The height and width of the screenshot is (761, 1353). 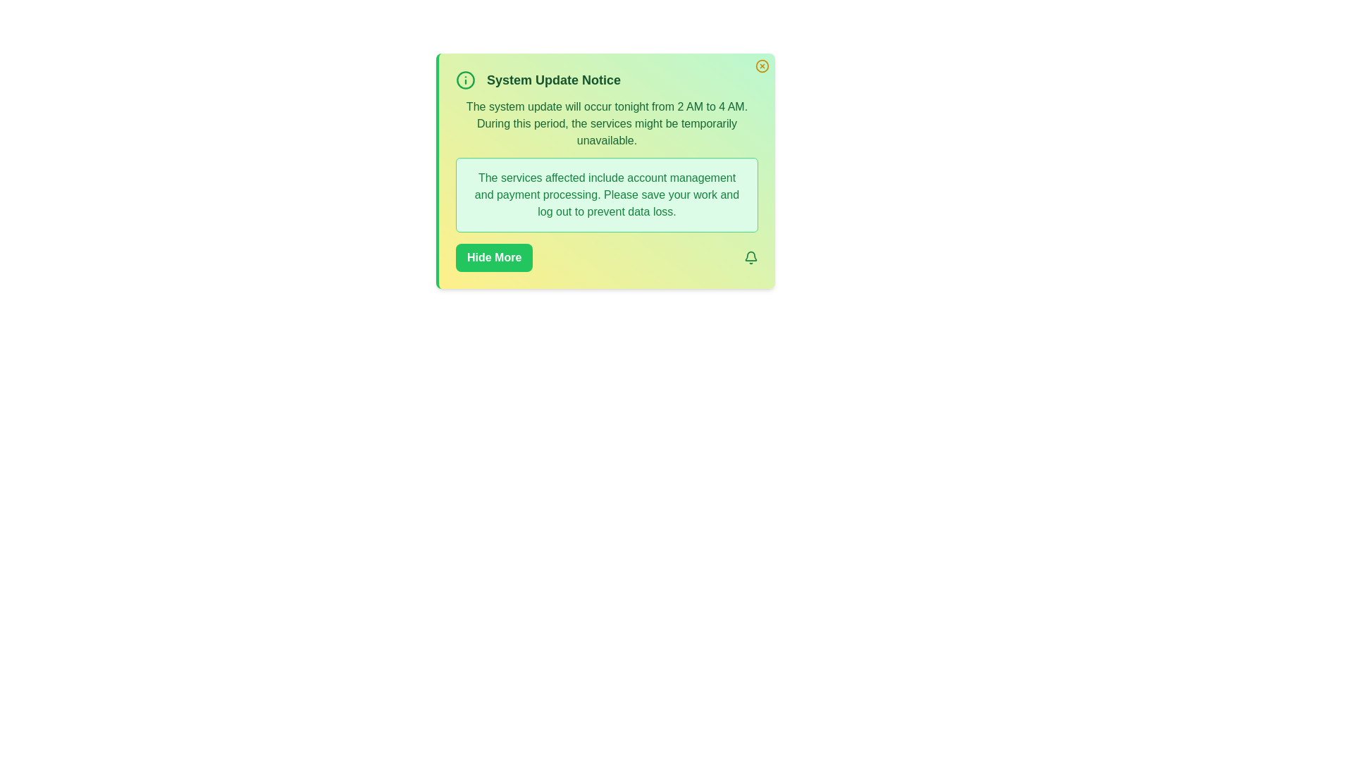 I want to click on close button located at the top-right corner of the alert, so click(x=761, y=66).